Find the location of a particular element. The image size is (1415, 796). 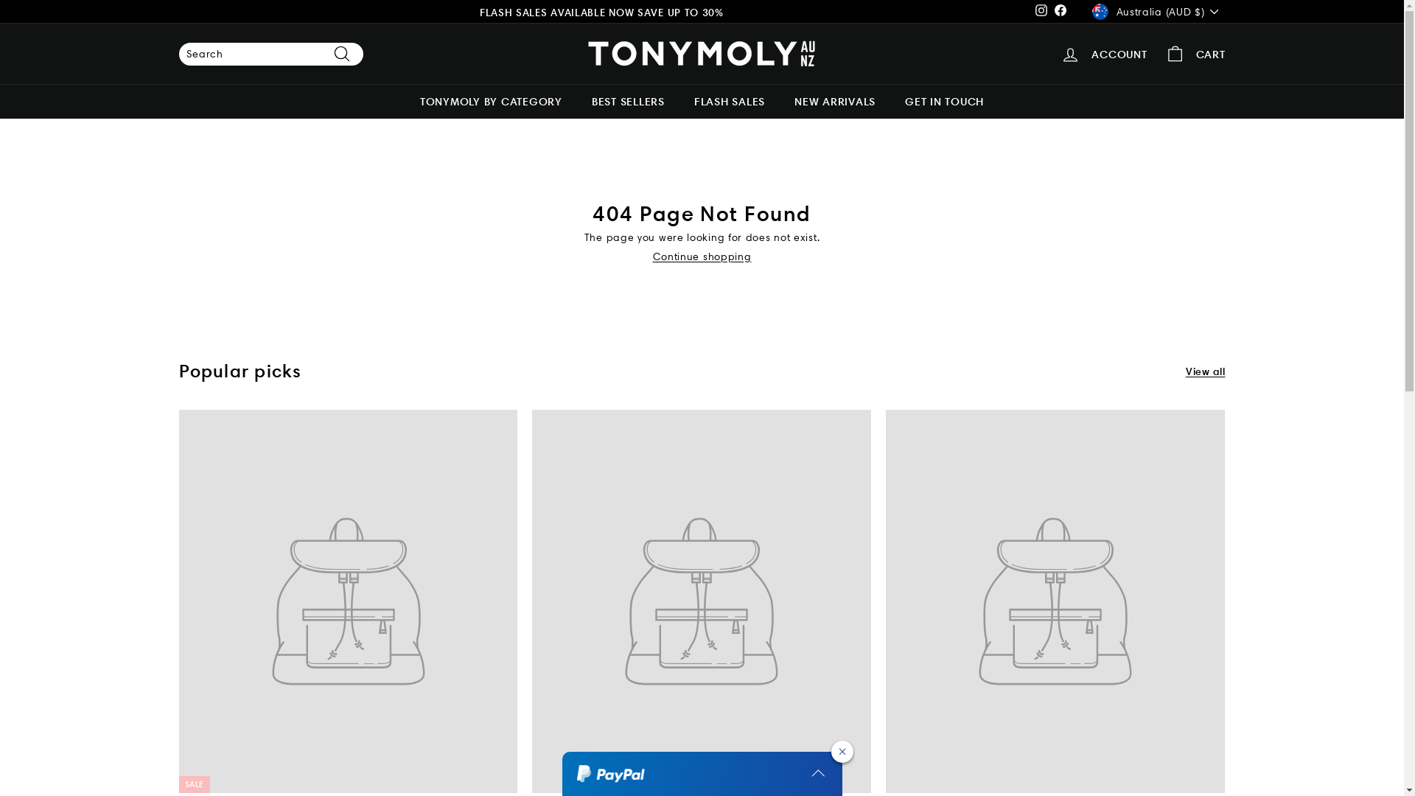

'BEST SELLERS' is located at coordinates (628, 100).